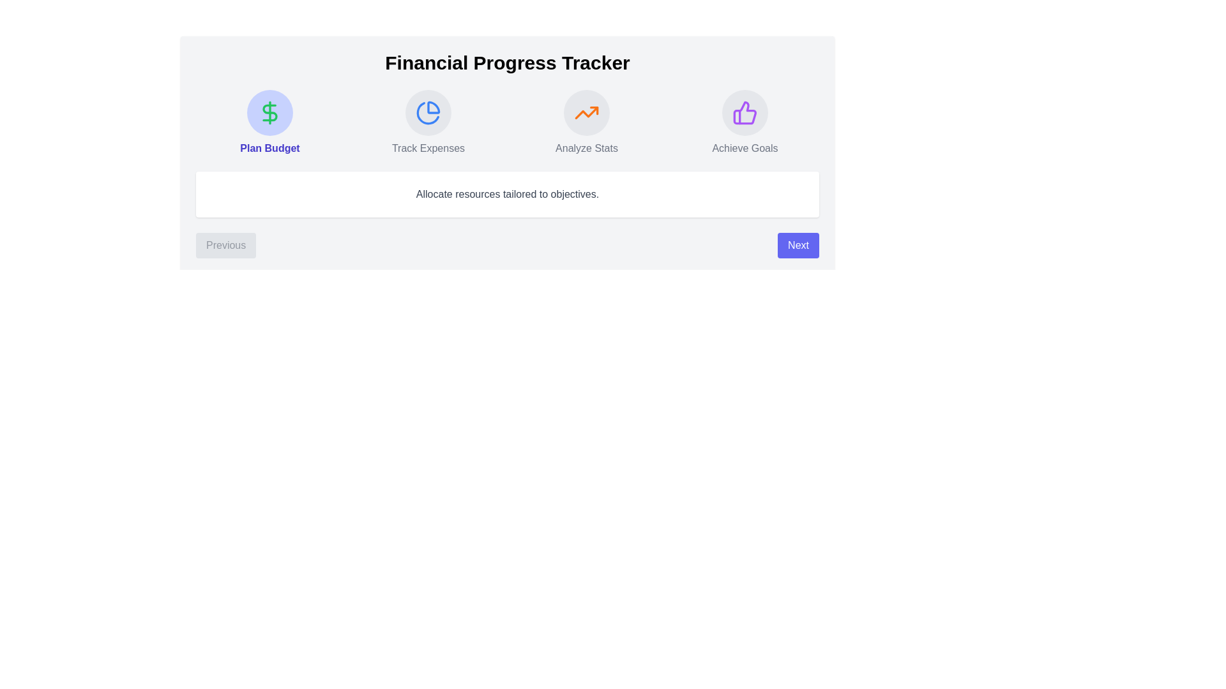  I want to click on the title 'Financial Progress Tracker', so click(507, 63).